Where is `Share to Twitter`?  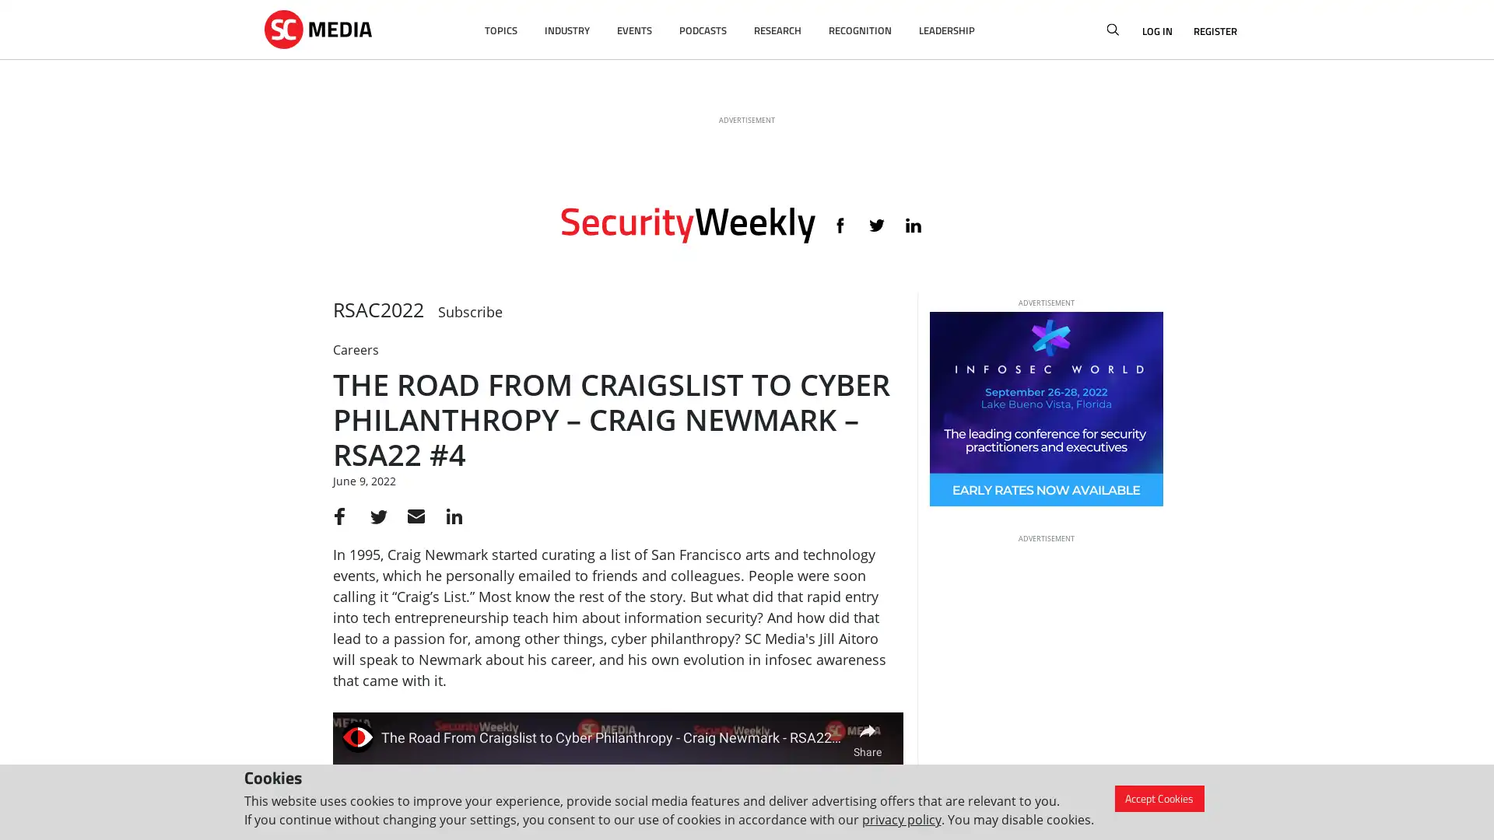 Share to Twitter is located at coordinates (376, 516).